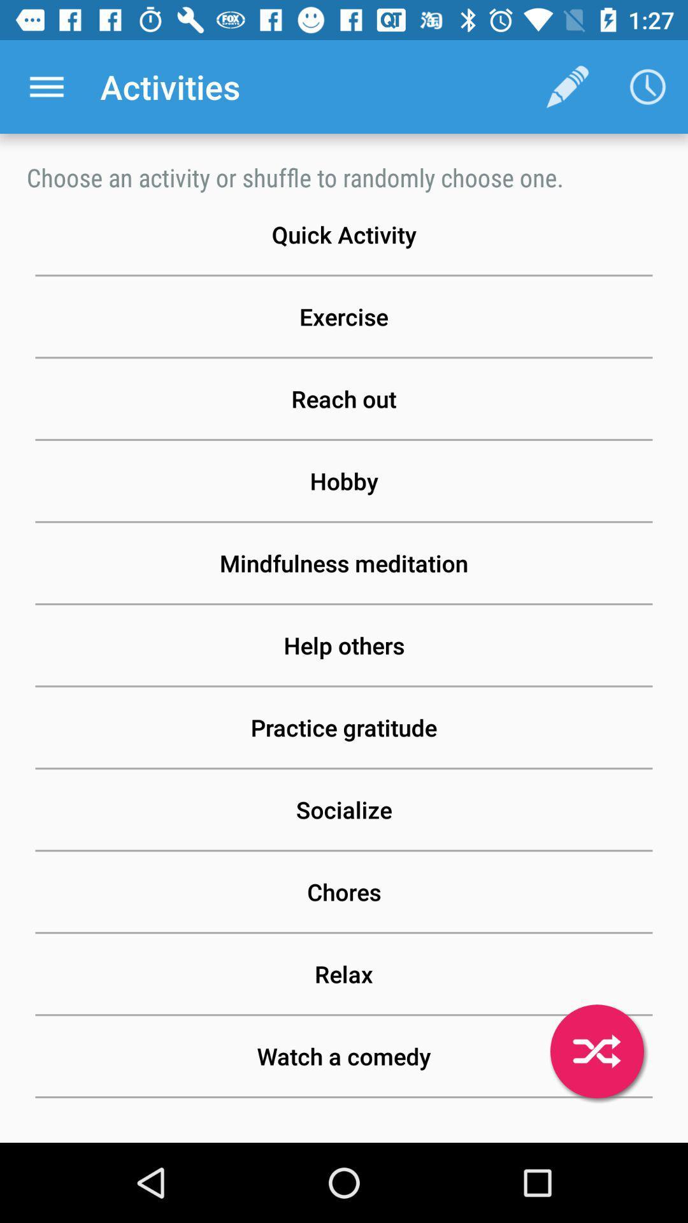 The width and height of the screenshot is (688, 1223). Describe the element at coordinates (344, 1056) in the screenshot. I see `watch a comedy icon` at that location.